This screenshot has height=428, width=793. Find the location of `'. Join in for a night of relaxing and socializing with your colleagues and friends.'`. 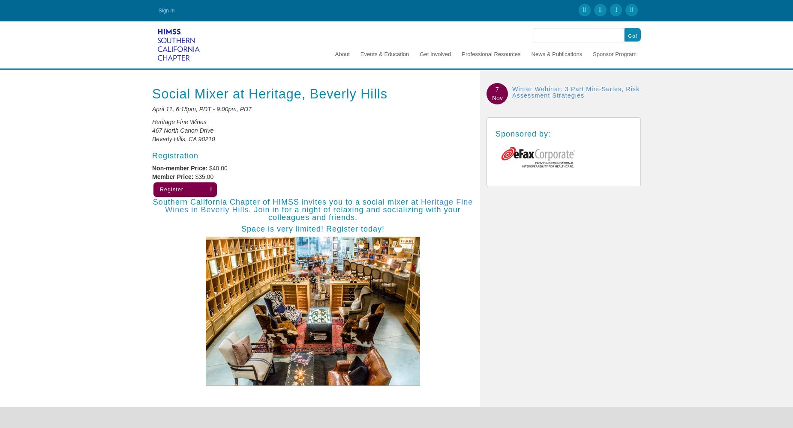

'. Join in for a night of relaxing and socializing with your colleagues and friends.' is located at coordinates (248, 213).